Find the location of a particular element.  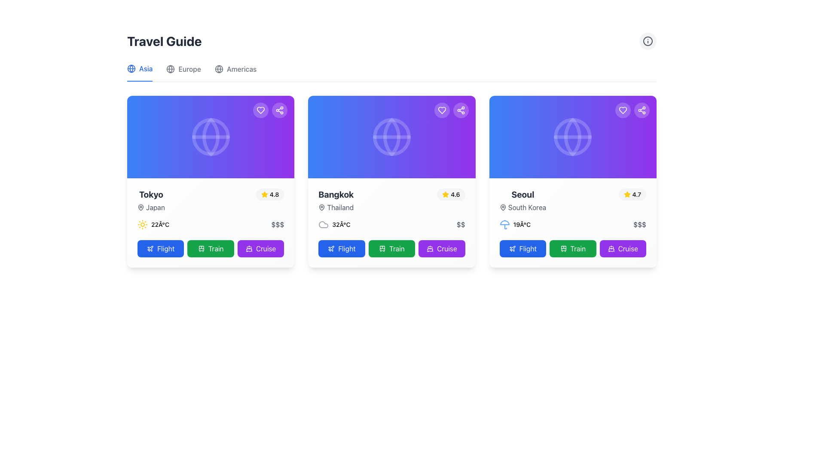

the Rating badge in the top-right section of the card visualizing the 'Tokyo' destination is located at coordinates (269, 194).